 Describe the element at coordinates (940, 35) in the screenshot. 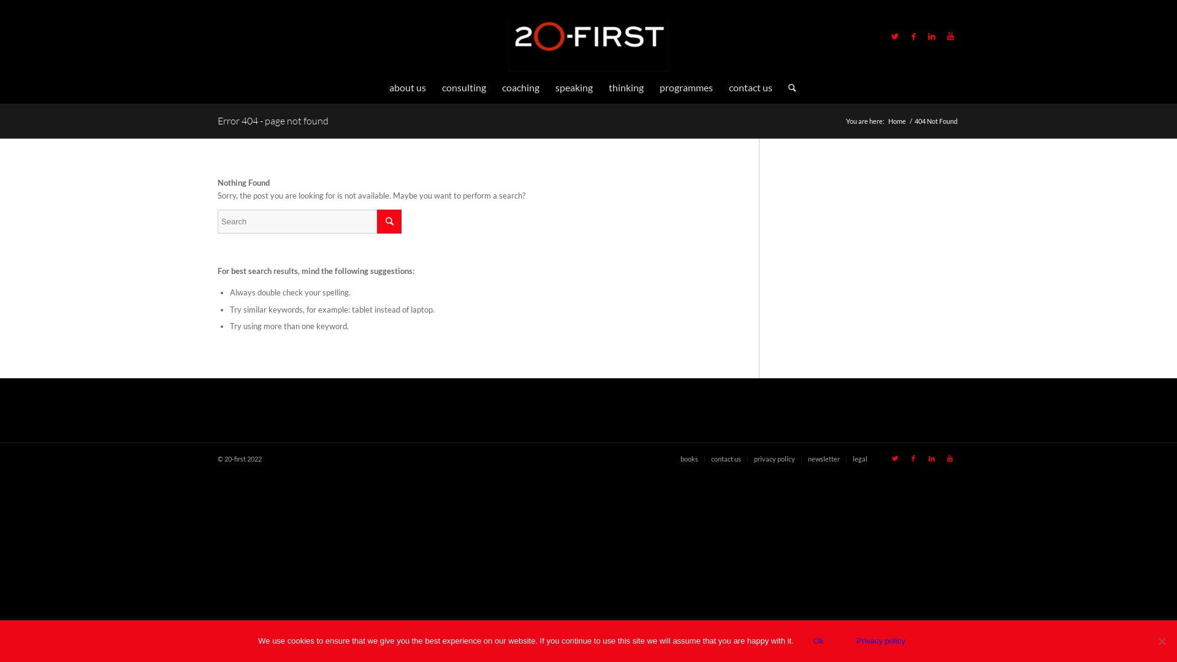

I see `'Youtube'` at that location.